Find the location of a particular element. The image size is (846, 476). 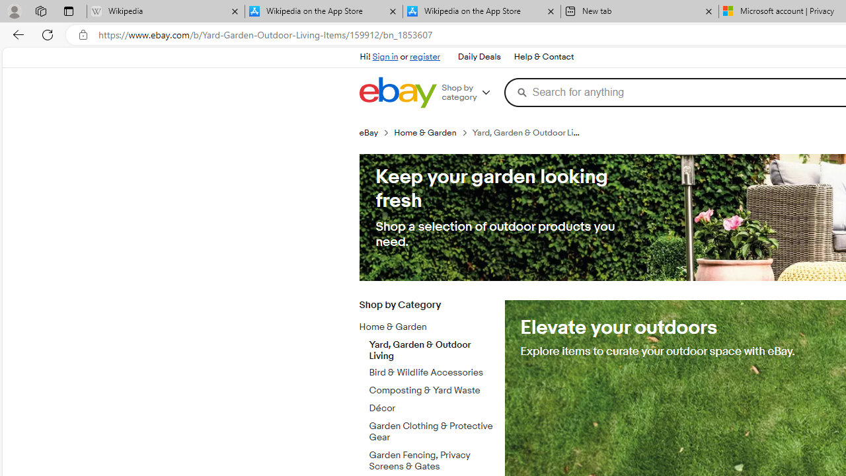

'Garden Fencing, Privacy Screens & Gates' is located at coordinates (432, 460).